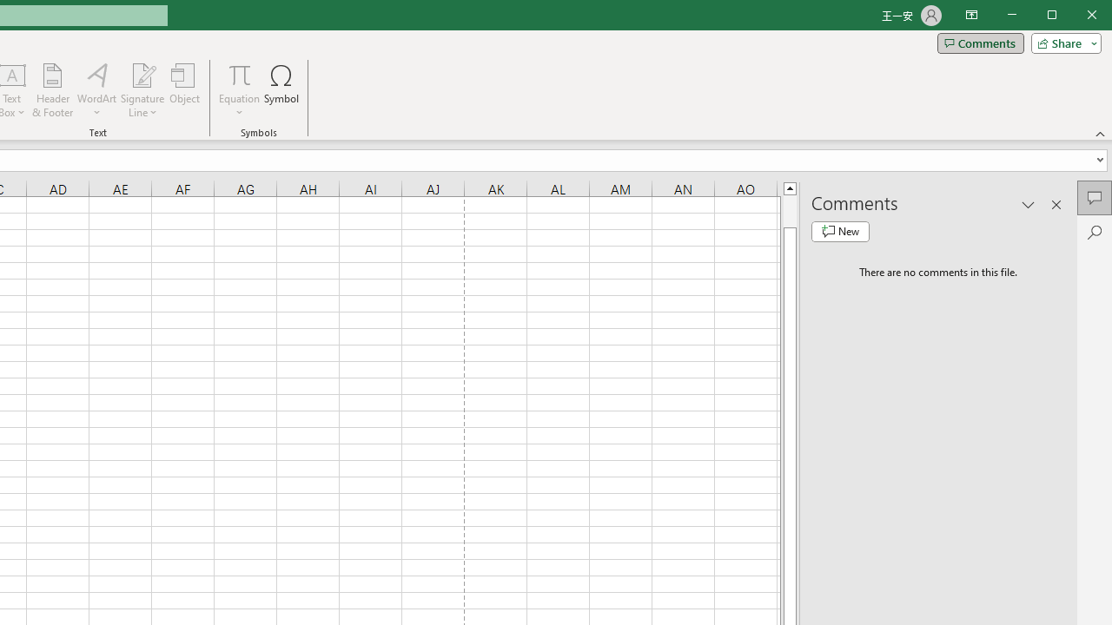  I want to click on 'Object...', so click(185, 90).